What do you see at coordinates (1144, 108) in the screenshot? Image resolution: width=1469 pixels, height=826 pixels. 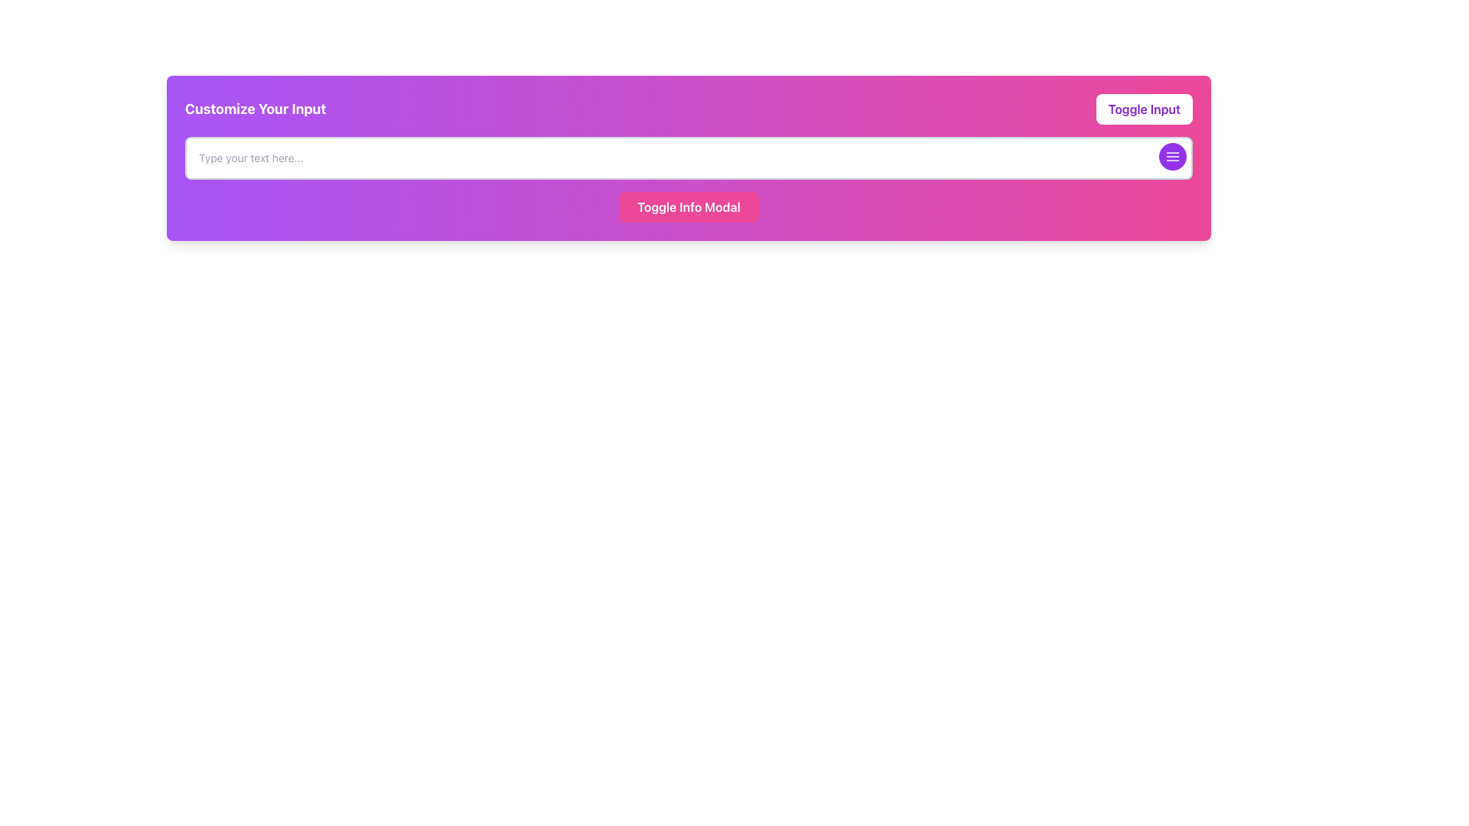 I see `the 'Toggle Input' button, which is displayed in bold purple font on a white background` at bounding box center [1144, 108].